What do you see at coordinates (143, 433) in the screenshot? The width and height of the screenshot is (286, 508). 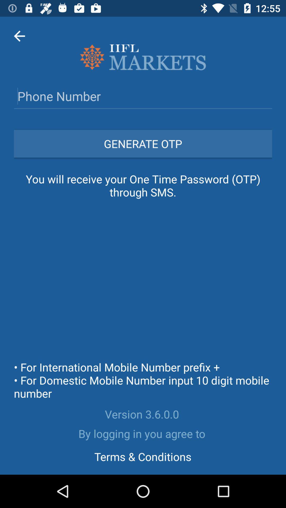 I see `by logging in icon` at bounding box center [143, 433].